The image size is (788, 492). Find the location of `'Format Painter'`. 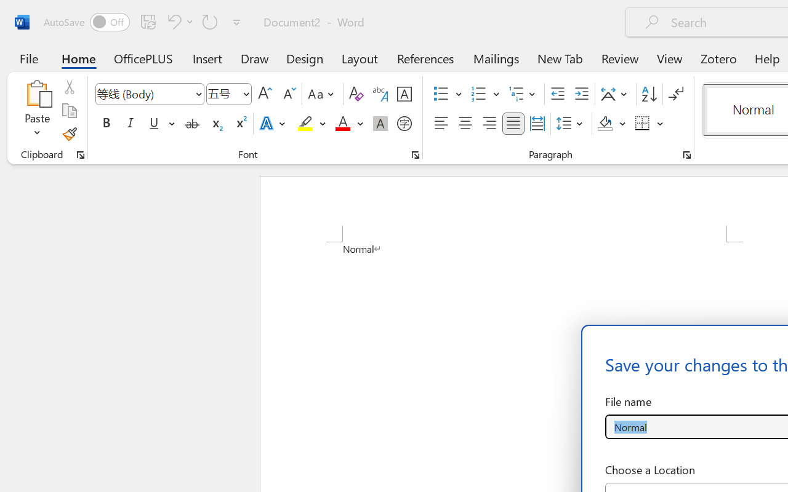

'Format Painter' is located at coordinates (68, 134).